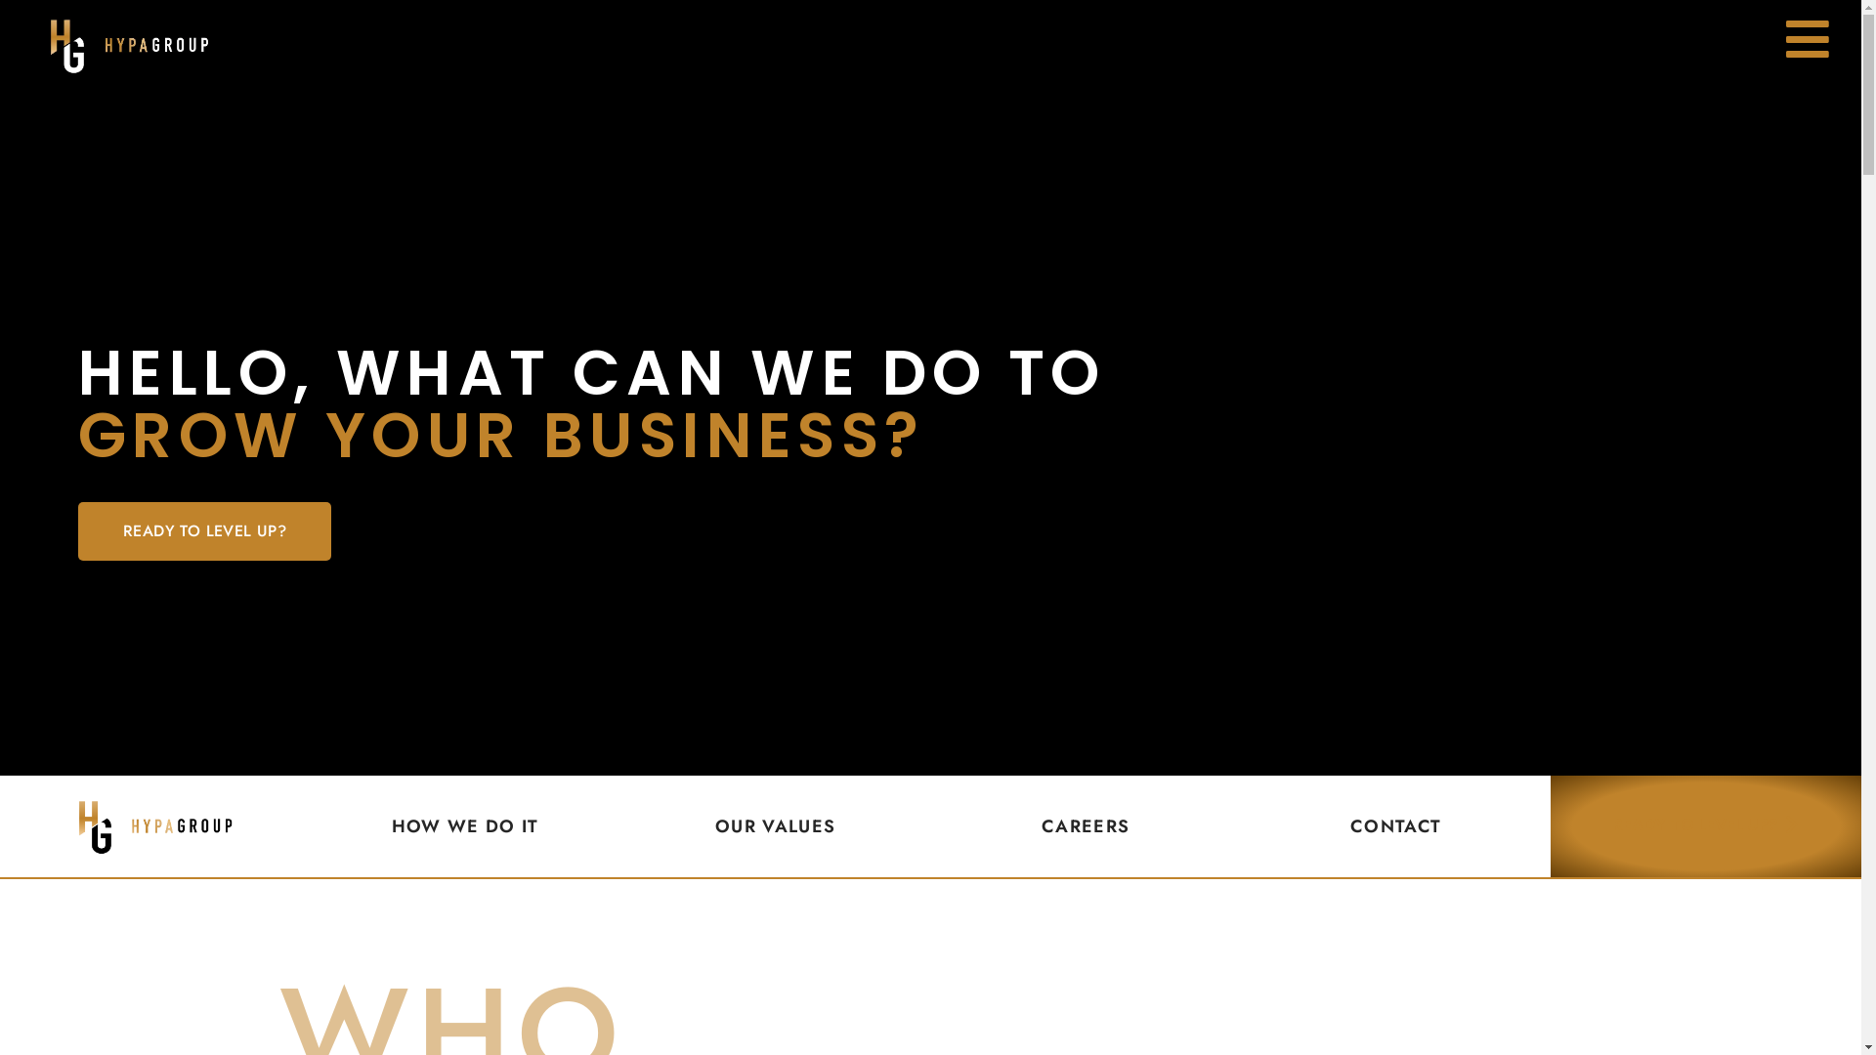  I want to click on 'Home 1', so click(153, 825).